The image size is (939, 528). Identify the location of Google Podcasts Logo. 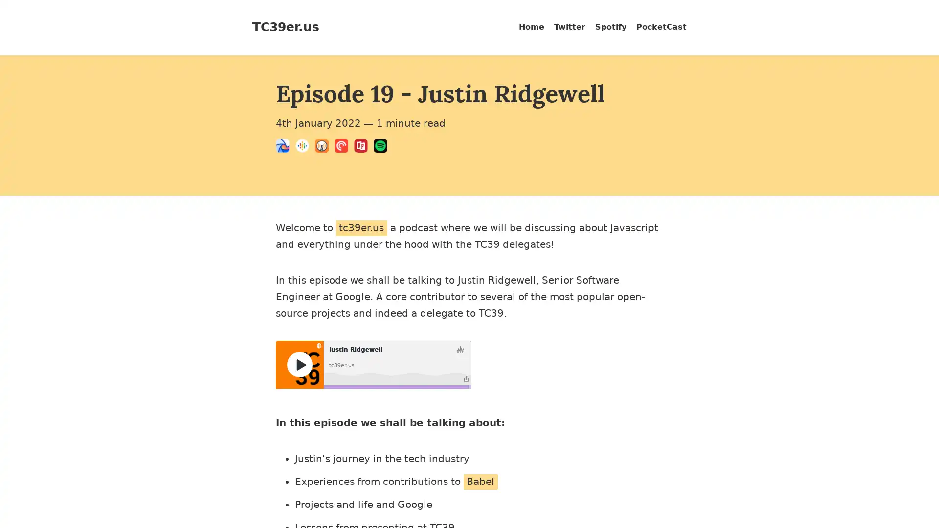
(305, 147).